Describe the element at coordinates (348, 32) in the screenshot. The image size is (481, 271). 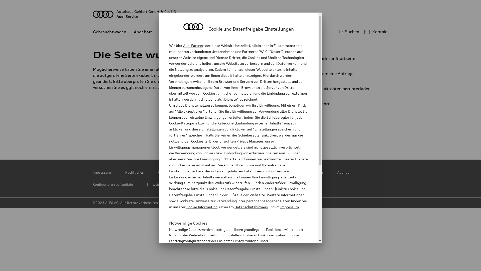
I see `'Suchen'` at that location.